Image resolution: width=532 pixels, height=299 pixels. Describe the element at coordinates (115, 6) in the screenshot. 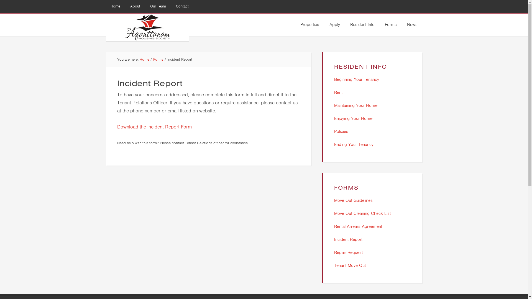

I see `'Home'` at that location.